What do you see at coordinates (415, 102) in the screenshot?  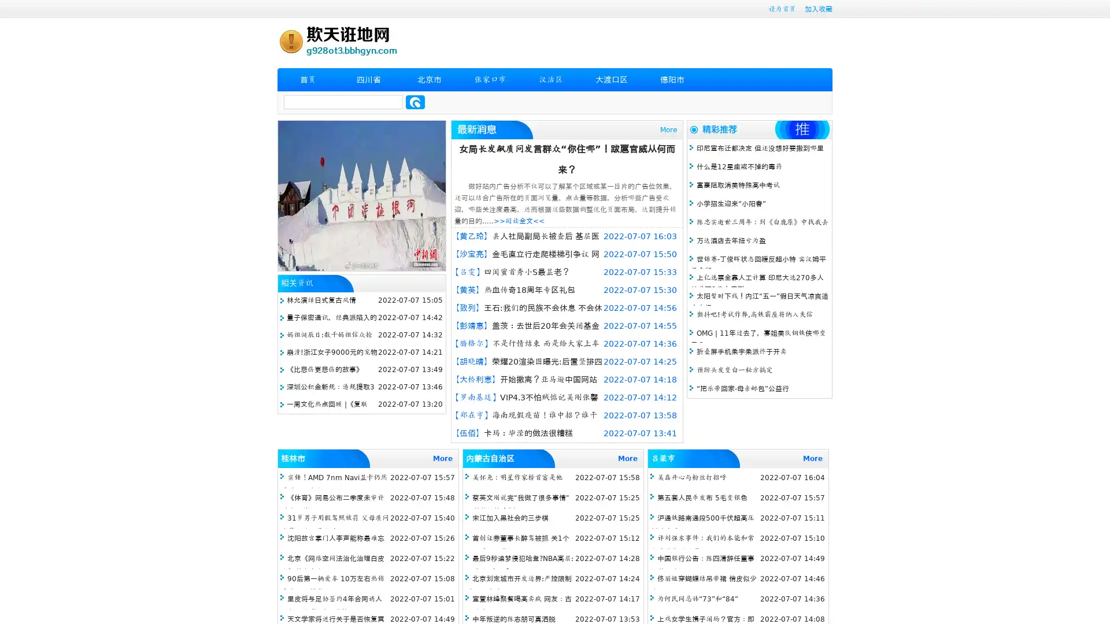 I see `Search` at bounding box center [415, 102].